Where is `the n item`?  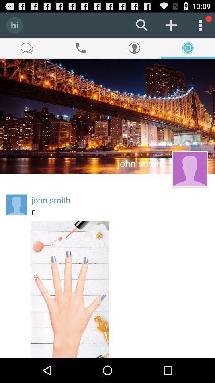 the n item is located at coordinates (119, 211).